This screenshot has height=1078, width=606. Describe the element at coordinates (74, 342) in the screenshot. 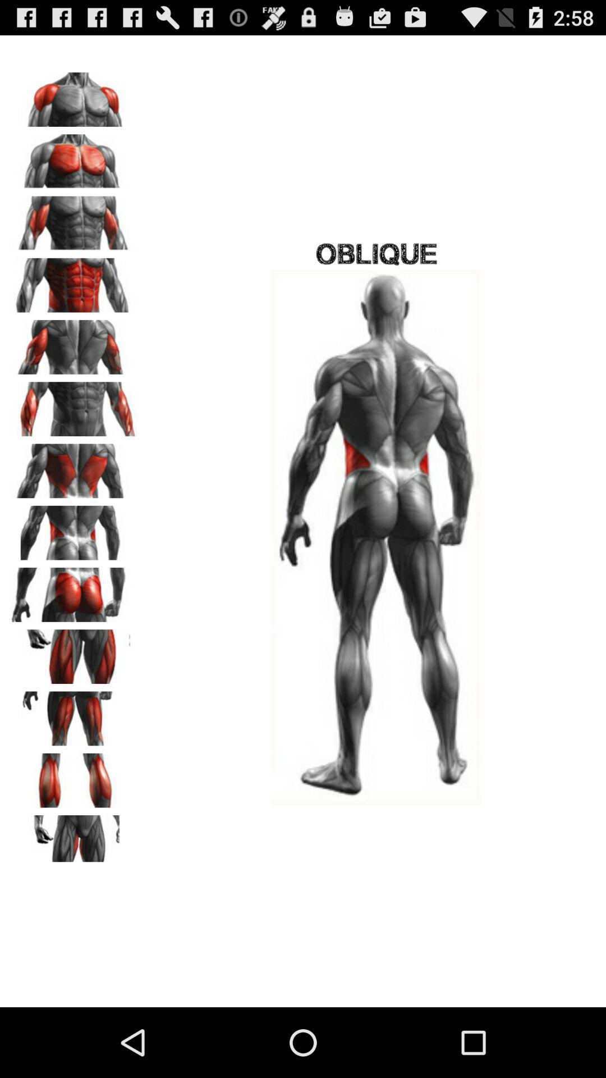

I see `switch exercise panel` at that location.